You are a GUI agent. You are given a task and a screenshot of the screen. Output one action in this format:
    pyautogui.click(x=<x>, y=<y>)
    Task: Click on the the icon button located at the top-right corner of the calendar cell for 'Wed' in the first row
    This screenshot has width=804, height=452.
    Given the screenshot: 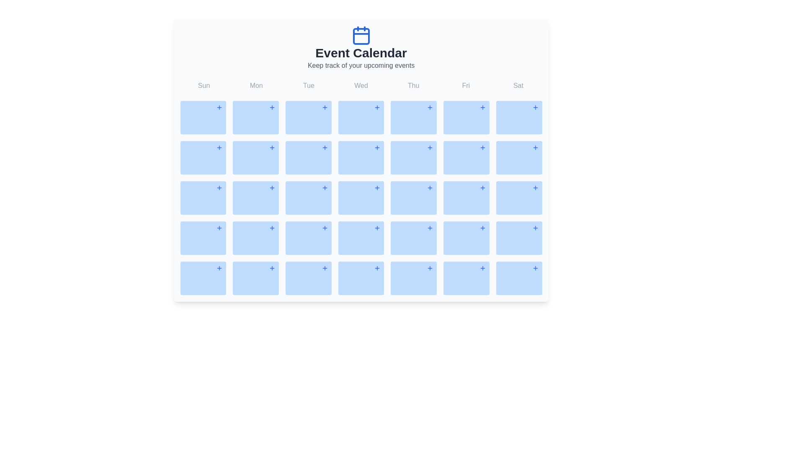 What is the action you would take?
    pyautogui.click(x=377, y=107)
    